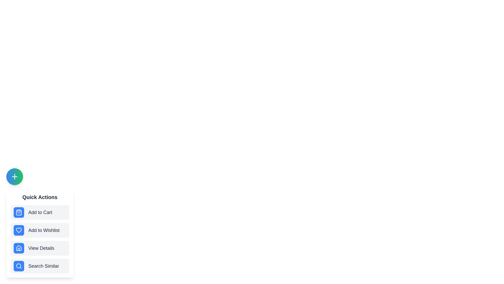 The image size is (504, 284). Describe the element at coordinates (40, 266) in the screenshot. I see `the 'Search Similar' button` at that location.